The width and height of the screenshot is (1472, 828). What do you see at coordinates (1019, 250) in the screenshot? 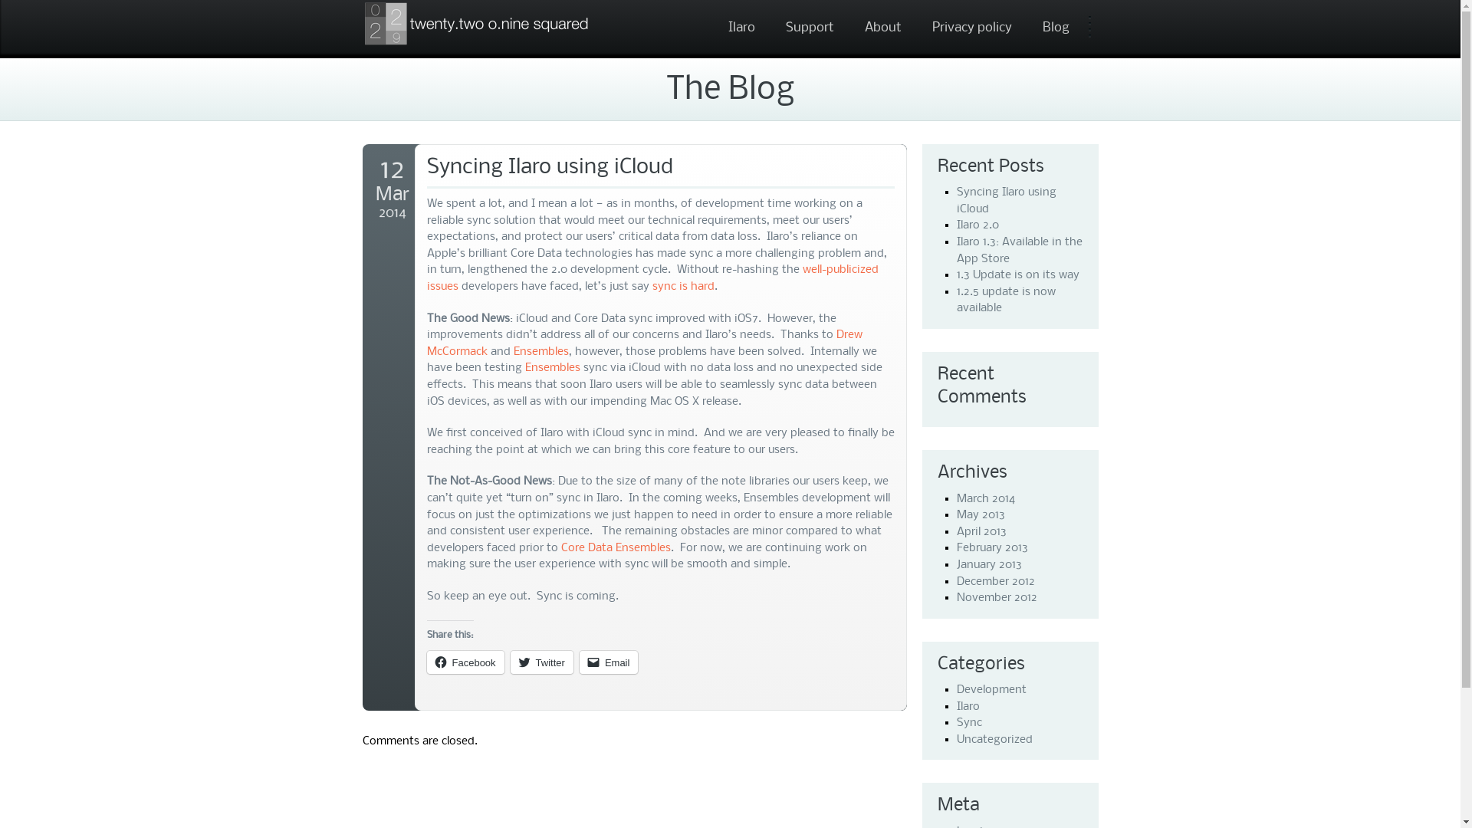
I see `'Ilaro 1.3: Available in the App Store'` at bounding box center [1019, 250].